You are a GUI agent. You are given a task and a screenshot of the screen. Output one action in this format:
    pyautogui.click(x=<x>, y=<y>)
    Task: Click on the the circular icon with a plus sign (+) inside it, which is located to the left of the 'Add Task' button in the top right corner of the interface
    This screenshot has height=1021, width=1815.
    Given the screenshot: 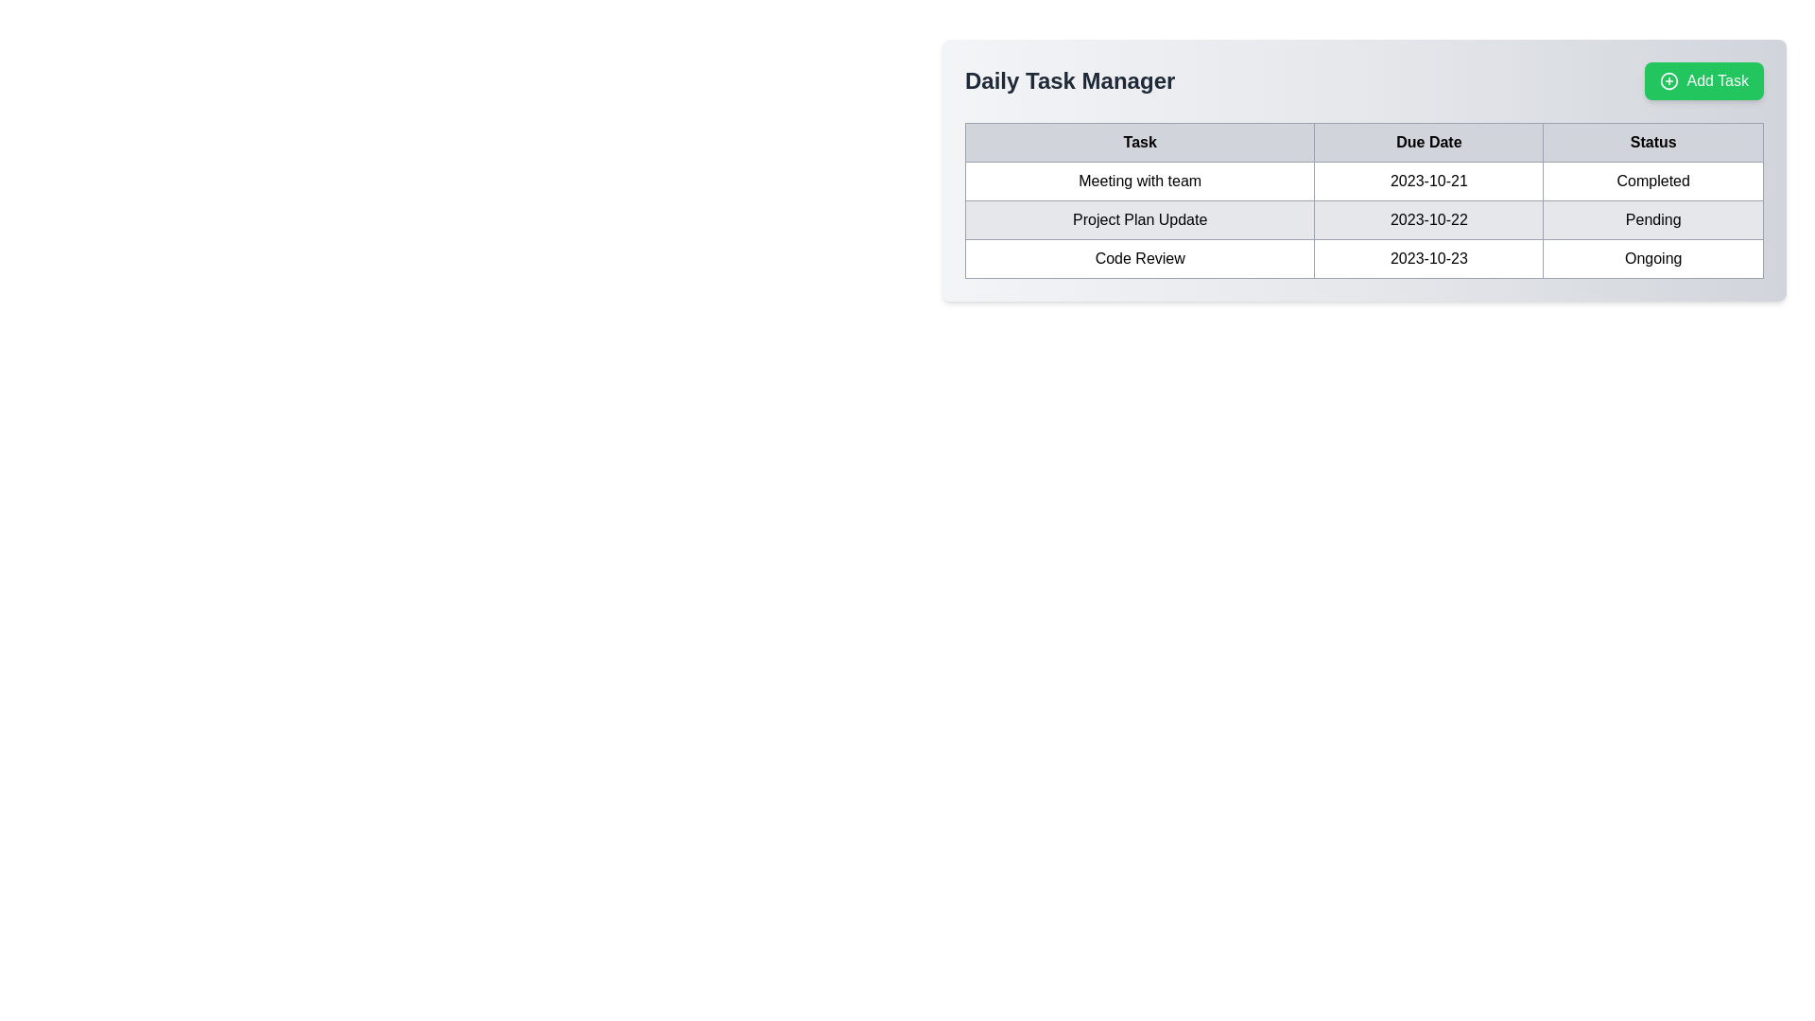 What is the action you would take?
    pyautogui.click(x=1669, y=79)
    